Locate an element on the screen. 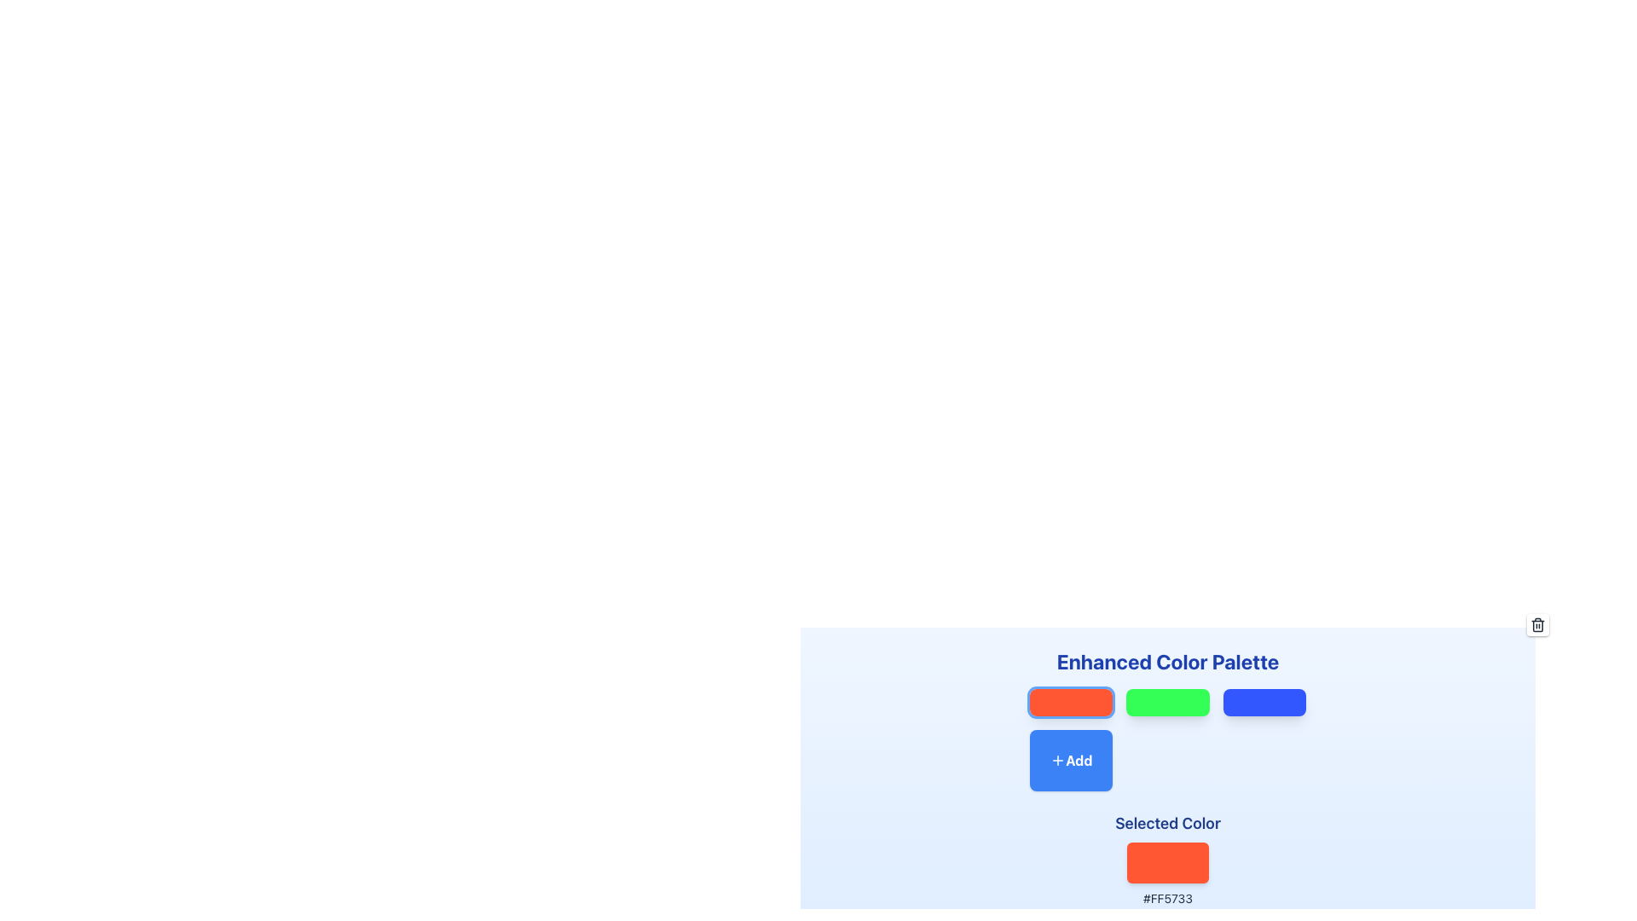 This screenshot has width=1637, height=921. the label displaying the hexadecimal color code '#FF5733', which is styled in gray and positioned below the 'Selected Color' label and its corresponding colored rectangle is located at coordinates (1166, 897).